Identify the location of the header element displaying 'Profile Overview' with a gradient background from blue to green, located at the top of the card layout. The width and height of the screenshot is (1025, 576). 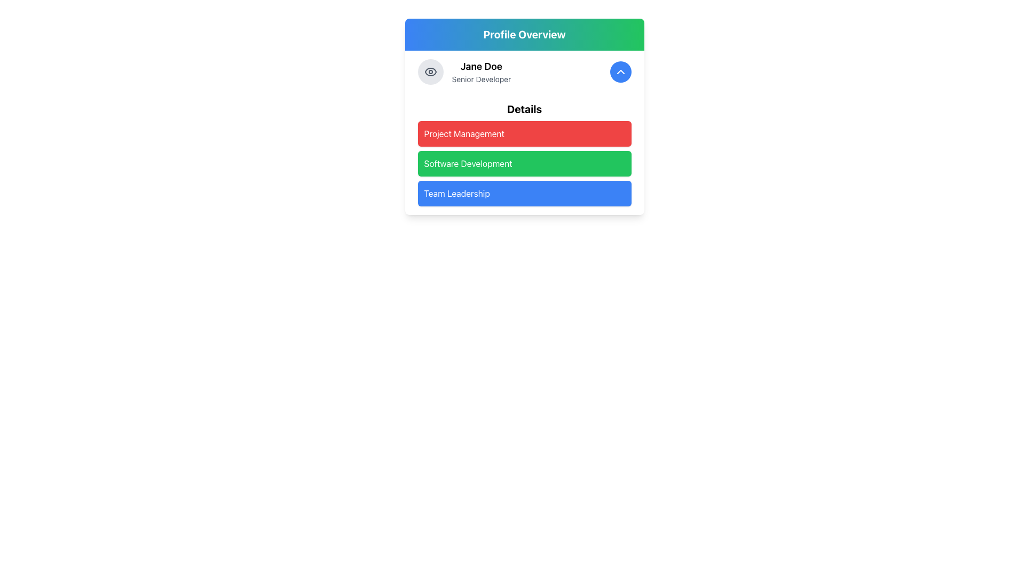
(524, 34).